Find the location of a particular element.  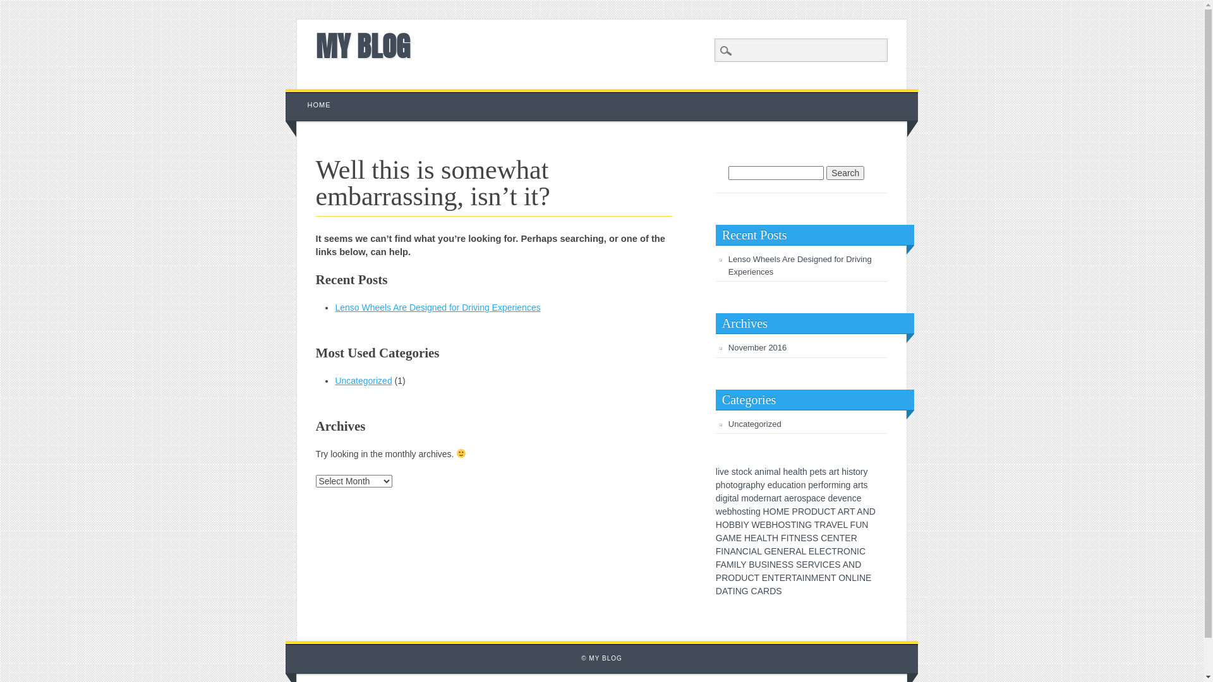

'A' is located at coordinates (725, 591).